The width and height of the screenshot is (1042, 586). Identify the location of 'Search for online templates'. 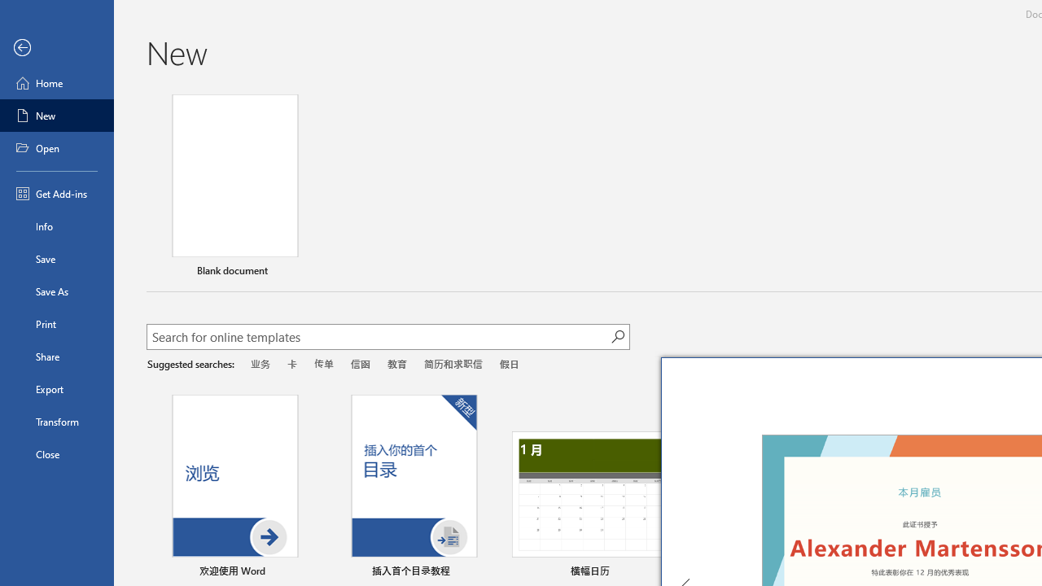
(378, 338).